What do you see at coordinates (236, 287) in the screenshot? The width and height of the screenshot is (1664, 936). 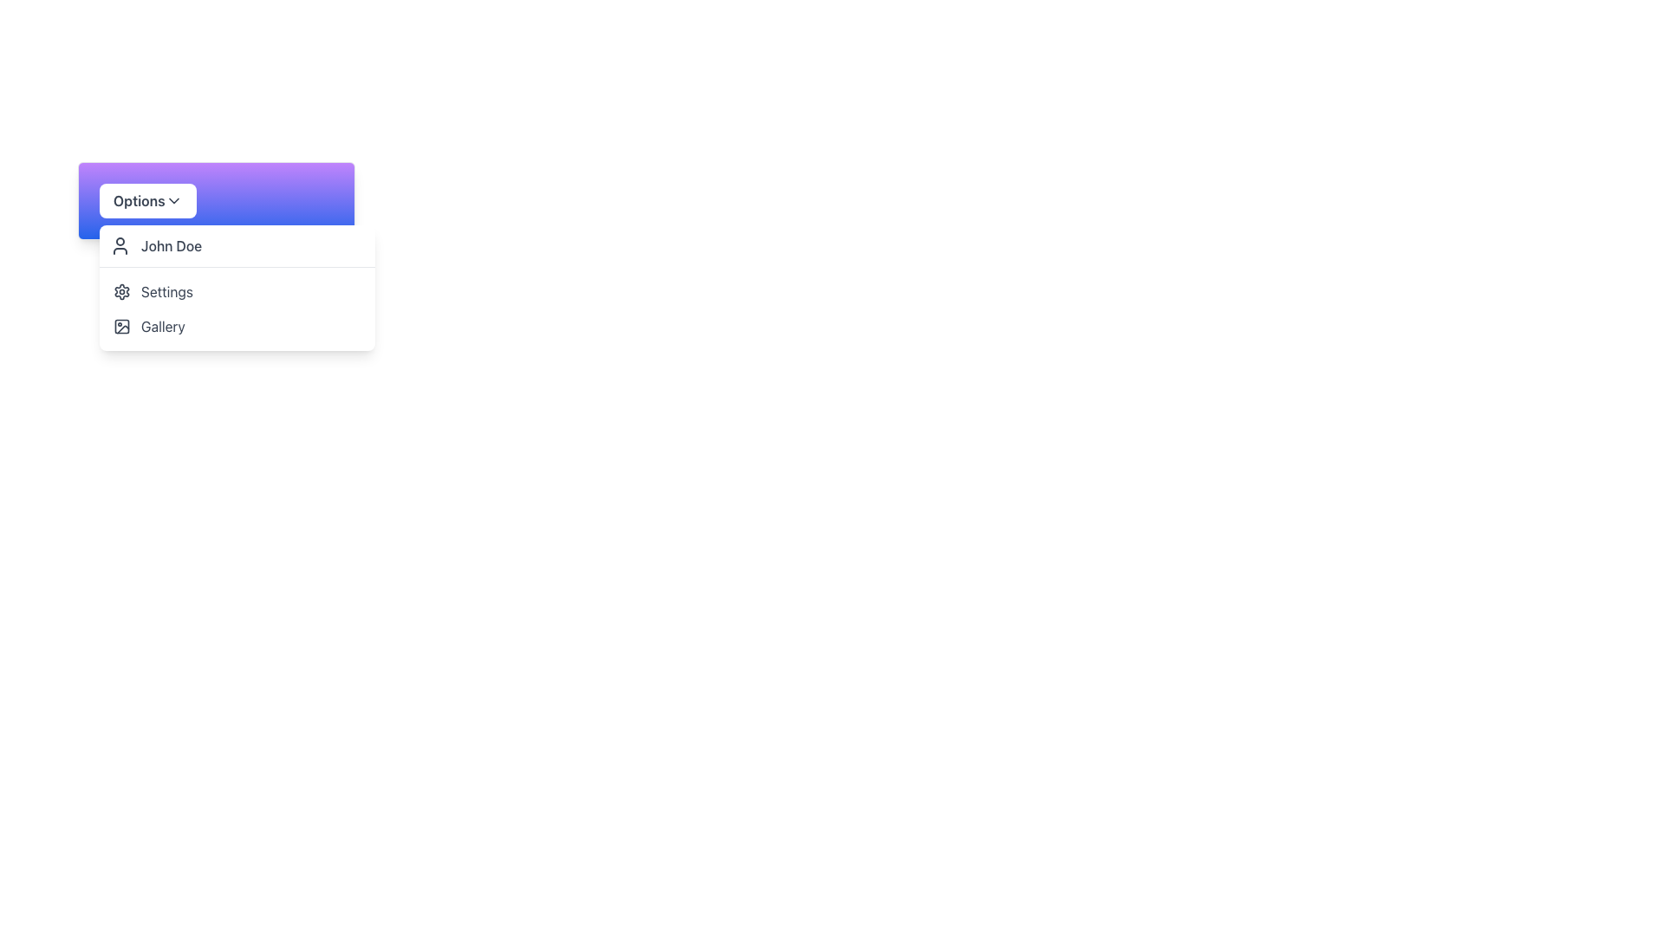 I see `the 'Settings' menu item in the dropdown list` at bounding box center [236, 287].